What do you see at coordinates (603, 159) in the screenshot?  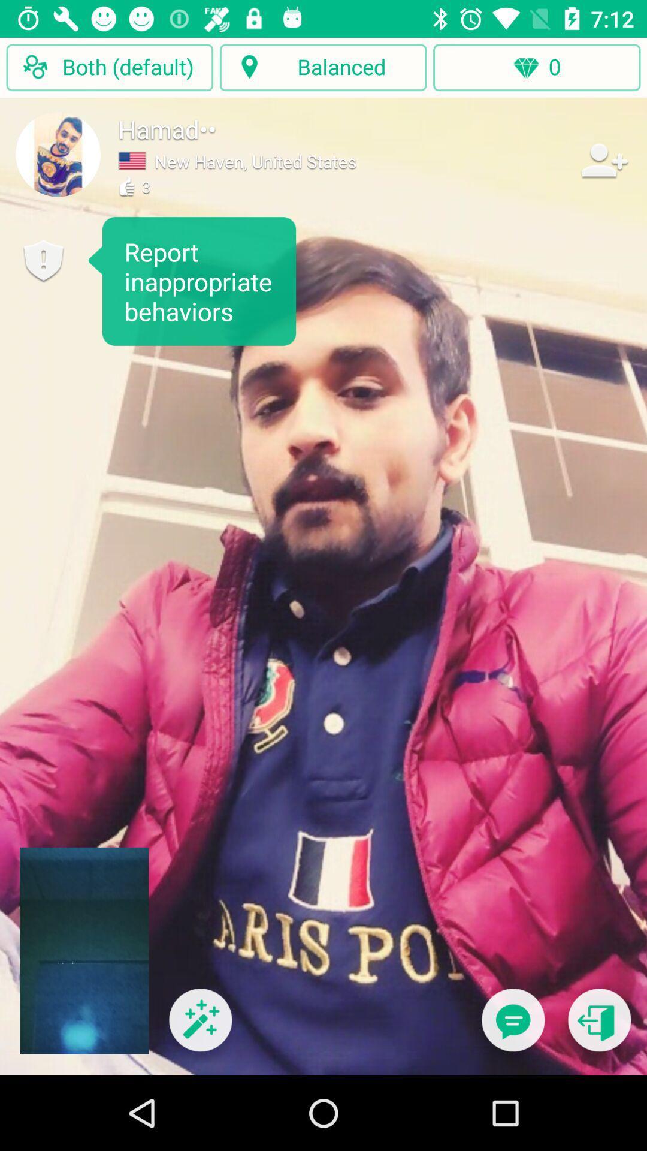 I see `the contact` at bounding box center [603, 159].